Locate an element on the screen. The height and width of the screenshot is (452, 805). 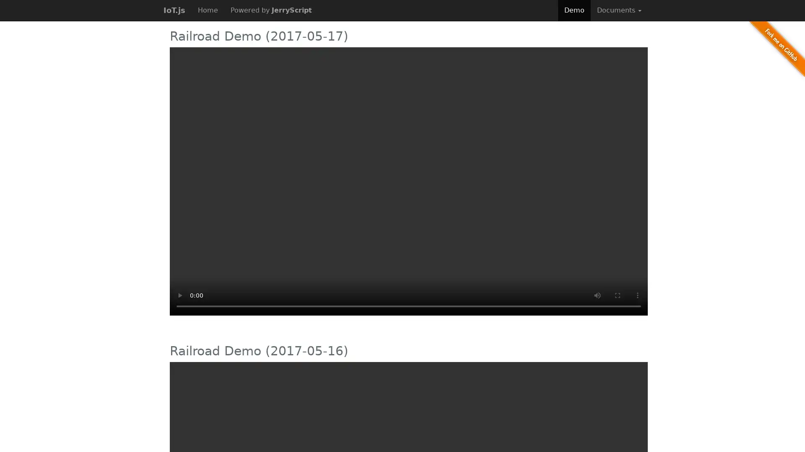
mute is located at coordinates (597, 295).